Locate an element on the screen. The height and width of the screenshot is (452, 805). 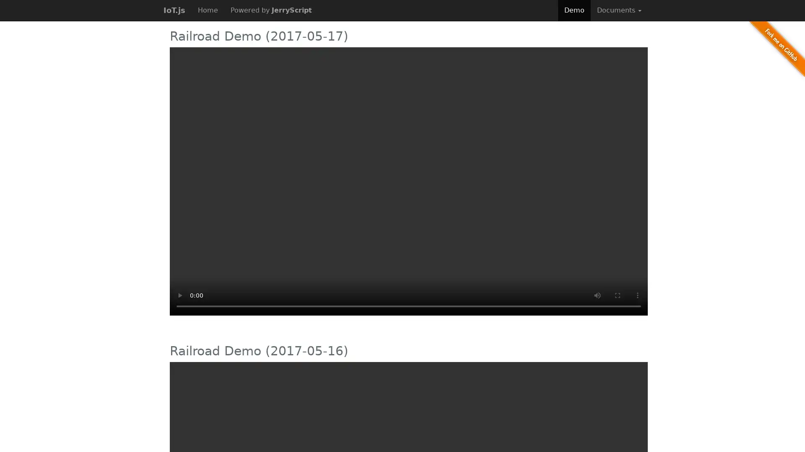
mute is located at coordinates (597, 295).